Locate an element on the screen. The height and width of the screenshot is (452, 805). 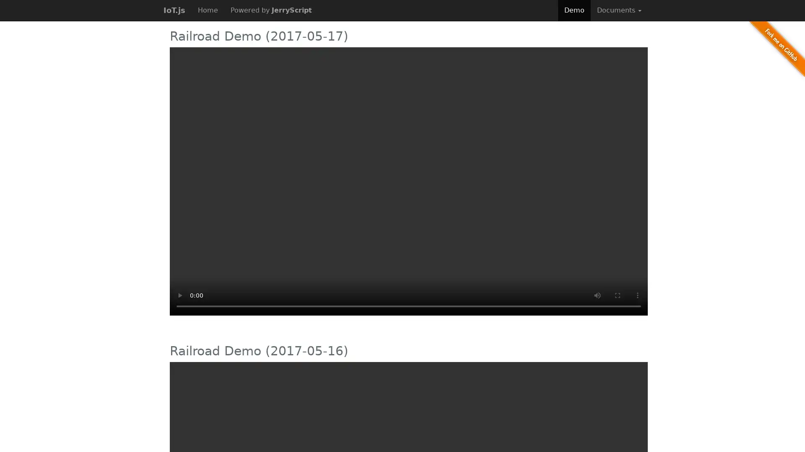
mute is located at coordinates (597, 295).